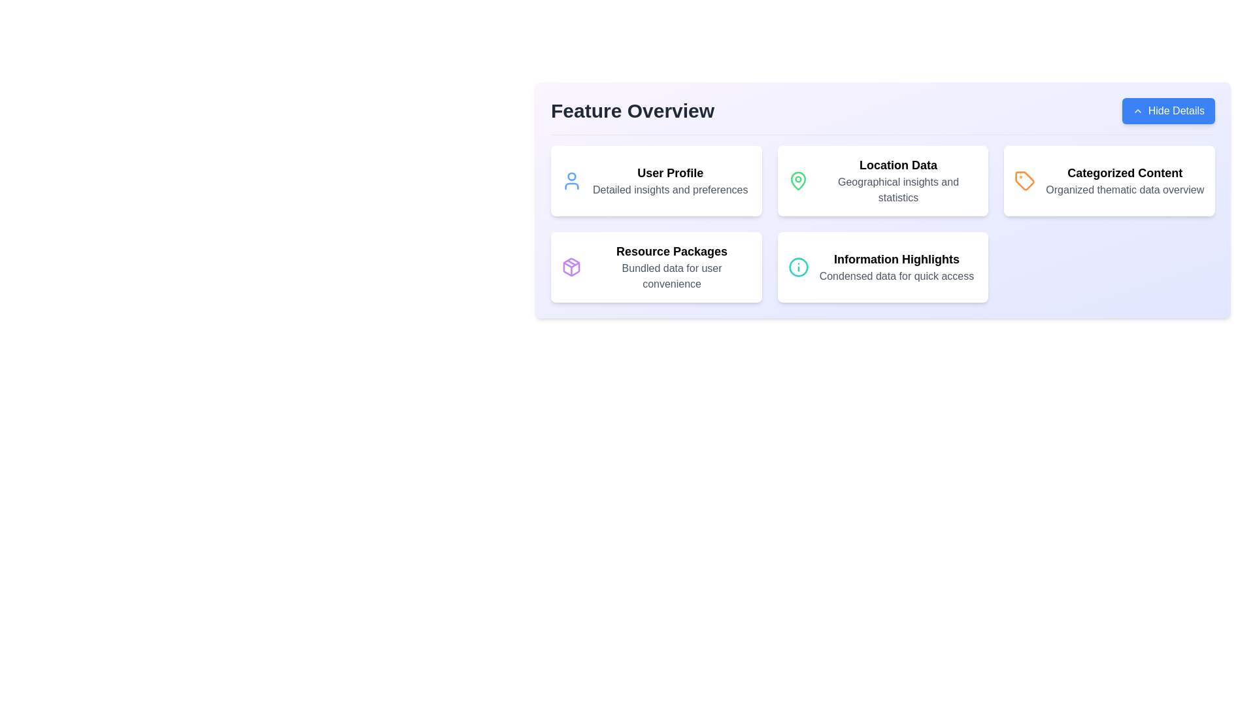  Describe the element at coordinates (670, 181) in the screenshot. I see `text content of the element titled 'User Profile' with the description 'Detailed insights and preferences', located in the top-left corner of the grid layout` at that location.